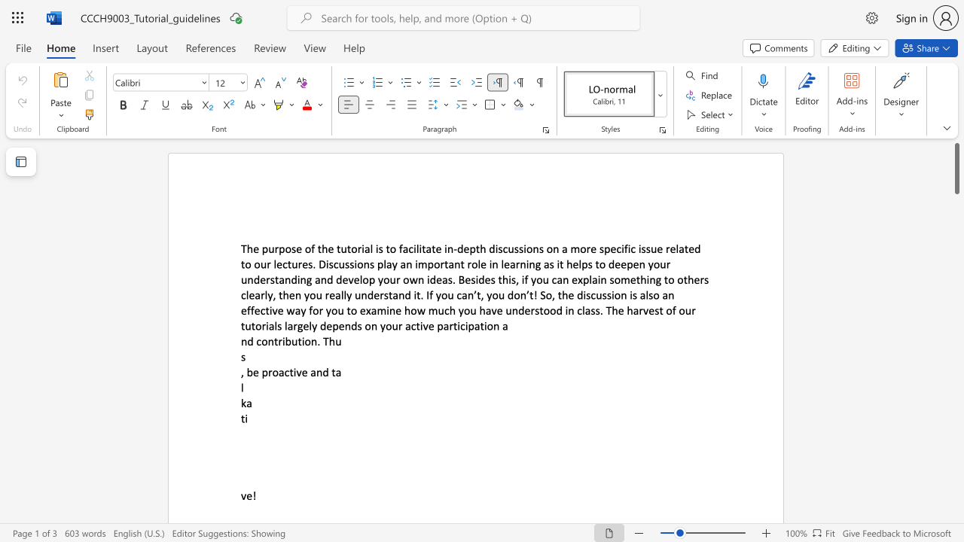 The image size is (964, 542). What do you see at coordinates (956, 361) in the screenshot?
I see `the scrollbar to move the page down` at bounding box center [956, 361].